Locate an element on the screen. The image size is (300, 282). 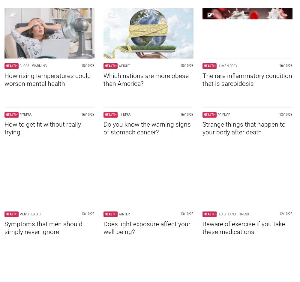
'Illness' is located at coordinates (124, 165).